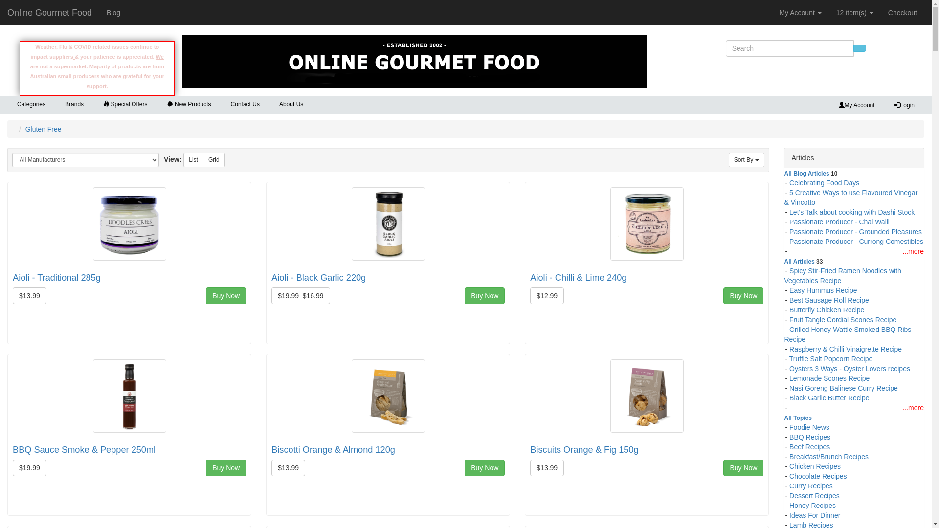 The image size is (939, 528). Describe the element at coordinates (333, 450) in the screenshot. I see `'Biscotti Orange & Almond 120g'` at that location.